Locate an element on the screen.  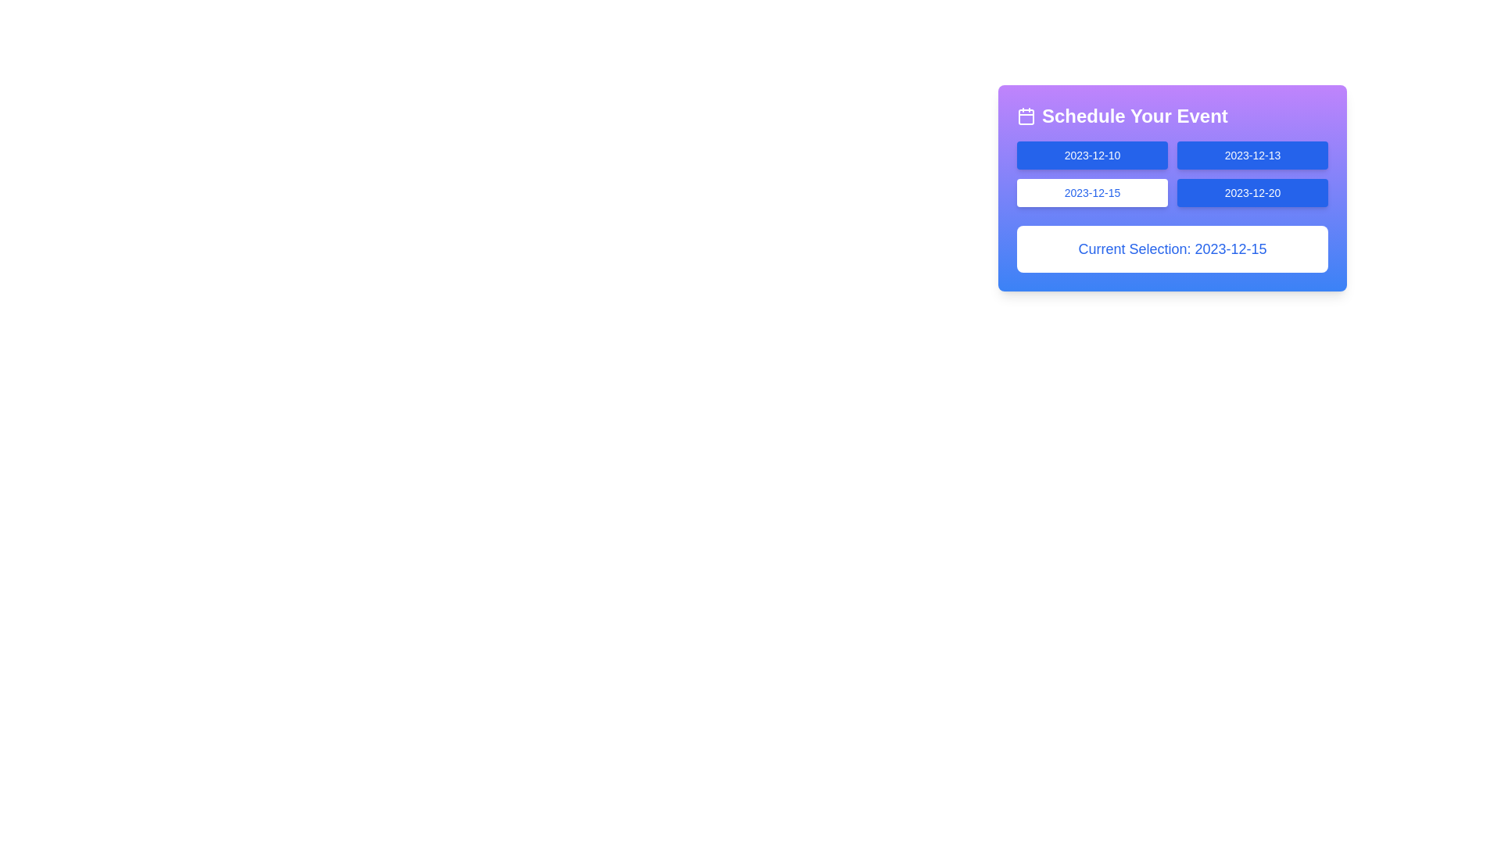
the date selection button located in the first column and second row of the grid layout is located at coordinates (1091, 191).